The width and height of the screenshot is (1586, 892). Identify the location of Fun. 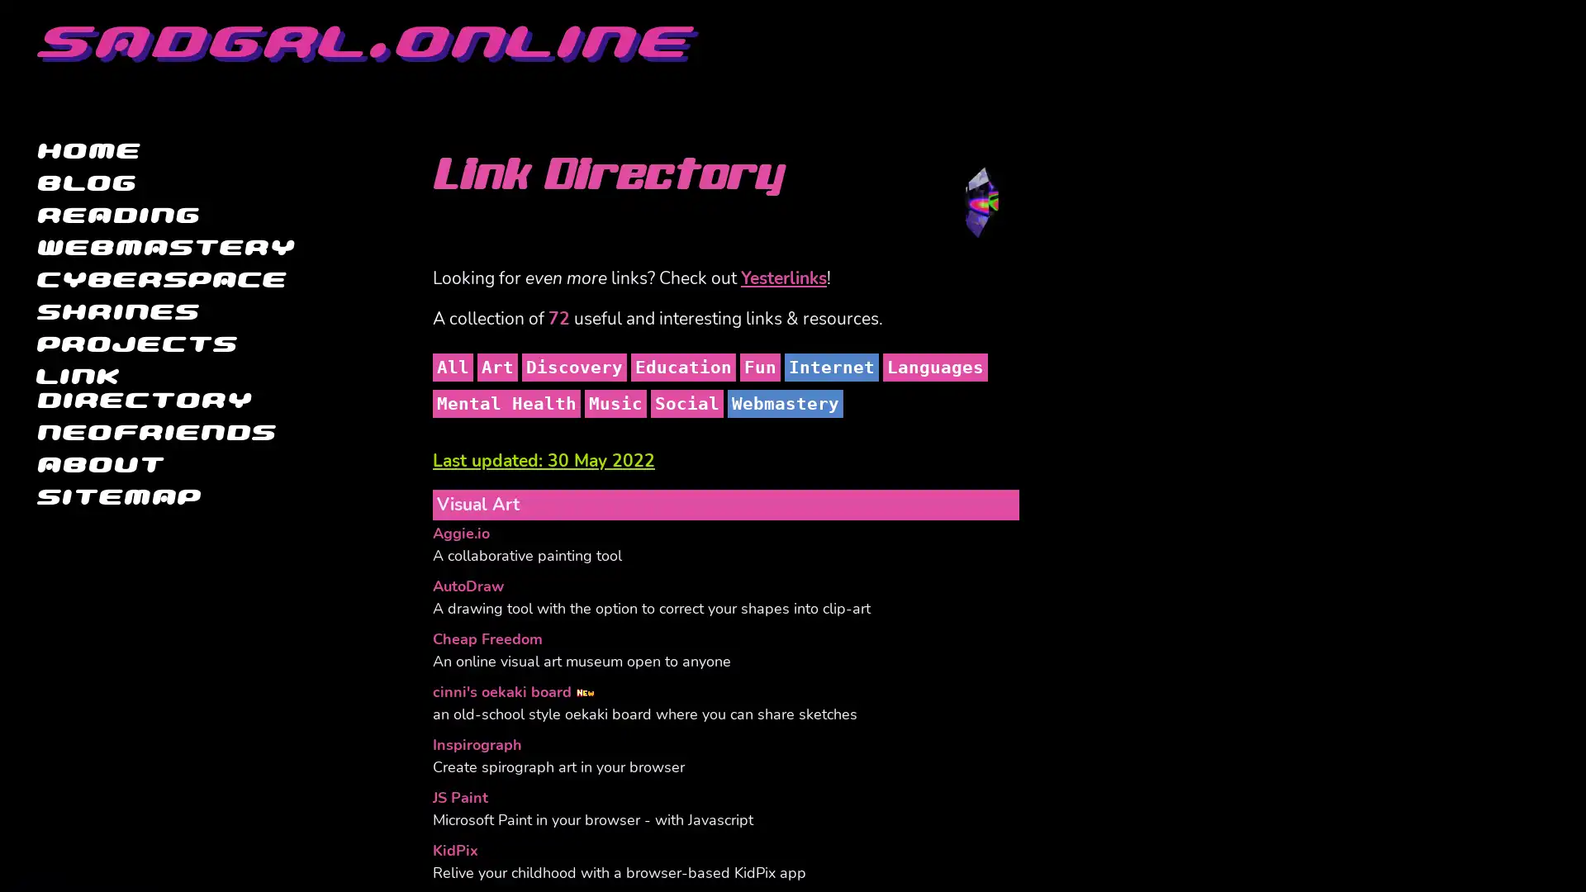
(759, 365).